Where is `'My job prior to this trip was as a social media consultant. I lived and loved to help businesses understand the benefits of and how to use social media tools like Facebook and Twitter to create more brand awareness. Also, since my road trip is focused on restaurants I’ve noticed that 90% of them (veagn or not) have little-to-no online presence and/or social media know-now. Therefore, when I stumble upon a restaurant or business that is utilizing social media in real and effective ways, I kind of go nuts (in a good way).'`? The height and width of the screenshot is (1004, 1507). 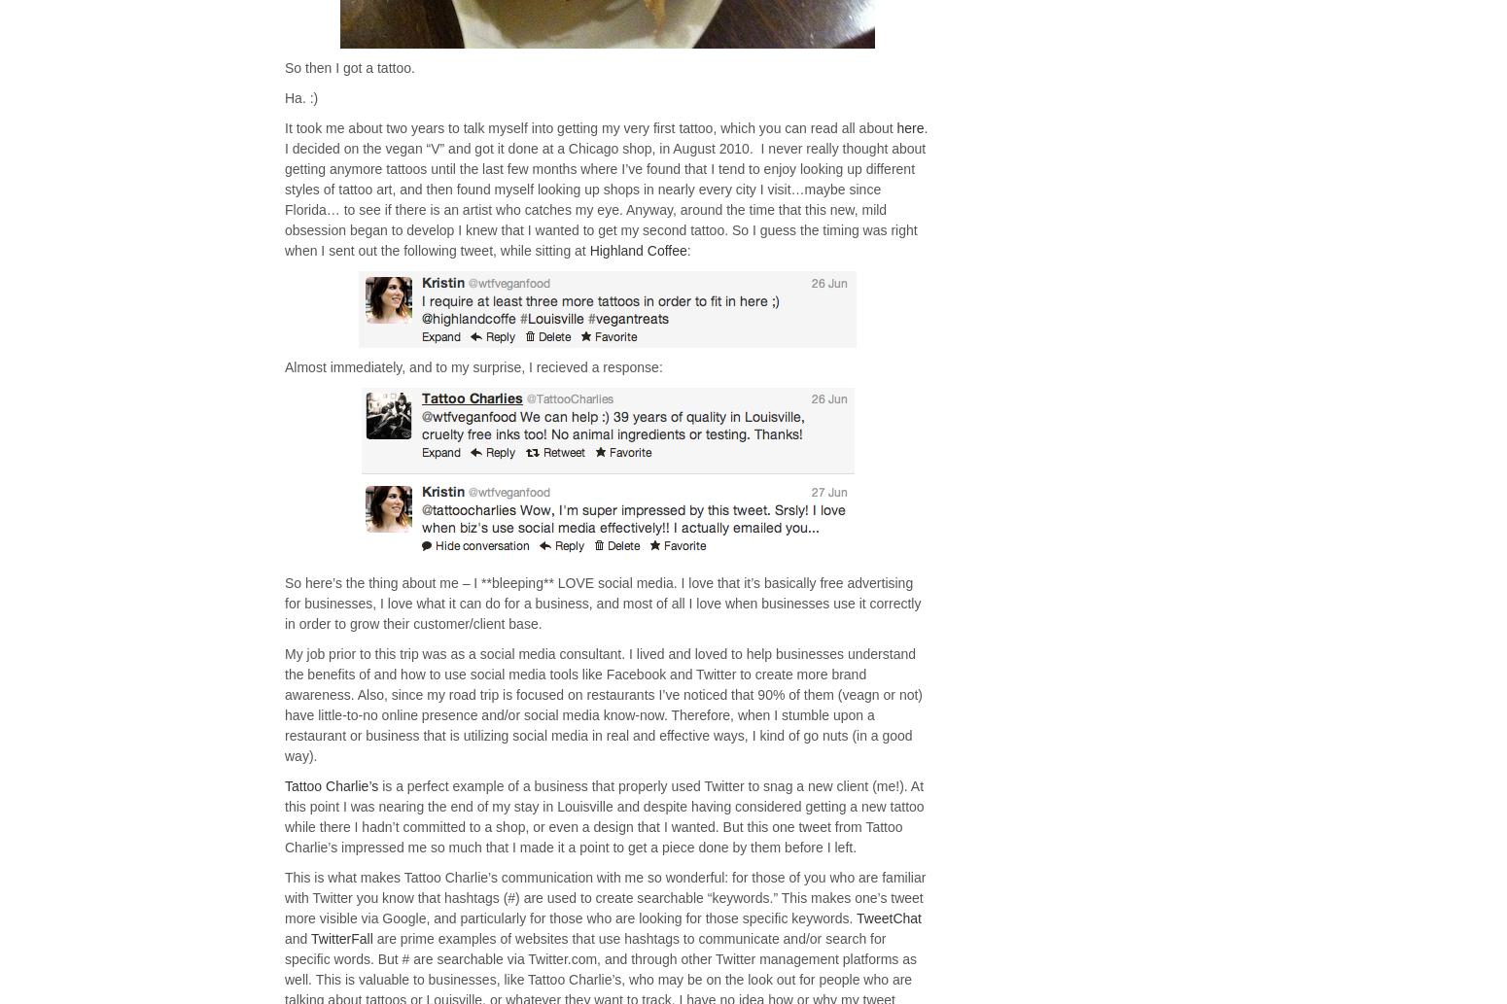 'My job prior to this trip was as a social media consultant. I lived and loved to help businesses understand the benefits of and how to use social media tools like Facebook and Twitter to create more brand awareness. Also, since my road trip is focused on restaurants I’ve noticed that 90% of them (veagn or not) have little-to-no online presence and/or social media know-now. Therefore, when I stumble upon a restaurant or business that is utilizing social media in real and effective ways, I kind of go nuts (in a good way).' is located at coordinates (284, 705).